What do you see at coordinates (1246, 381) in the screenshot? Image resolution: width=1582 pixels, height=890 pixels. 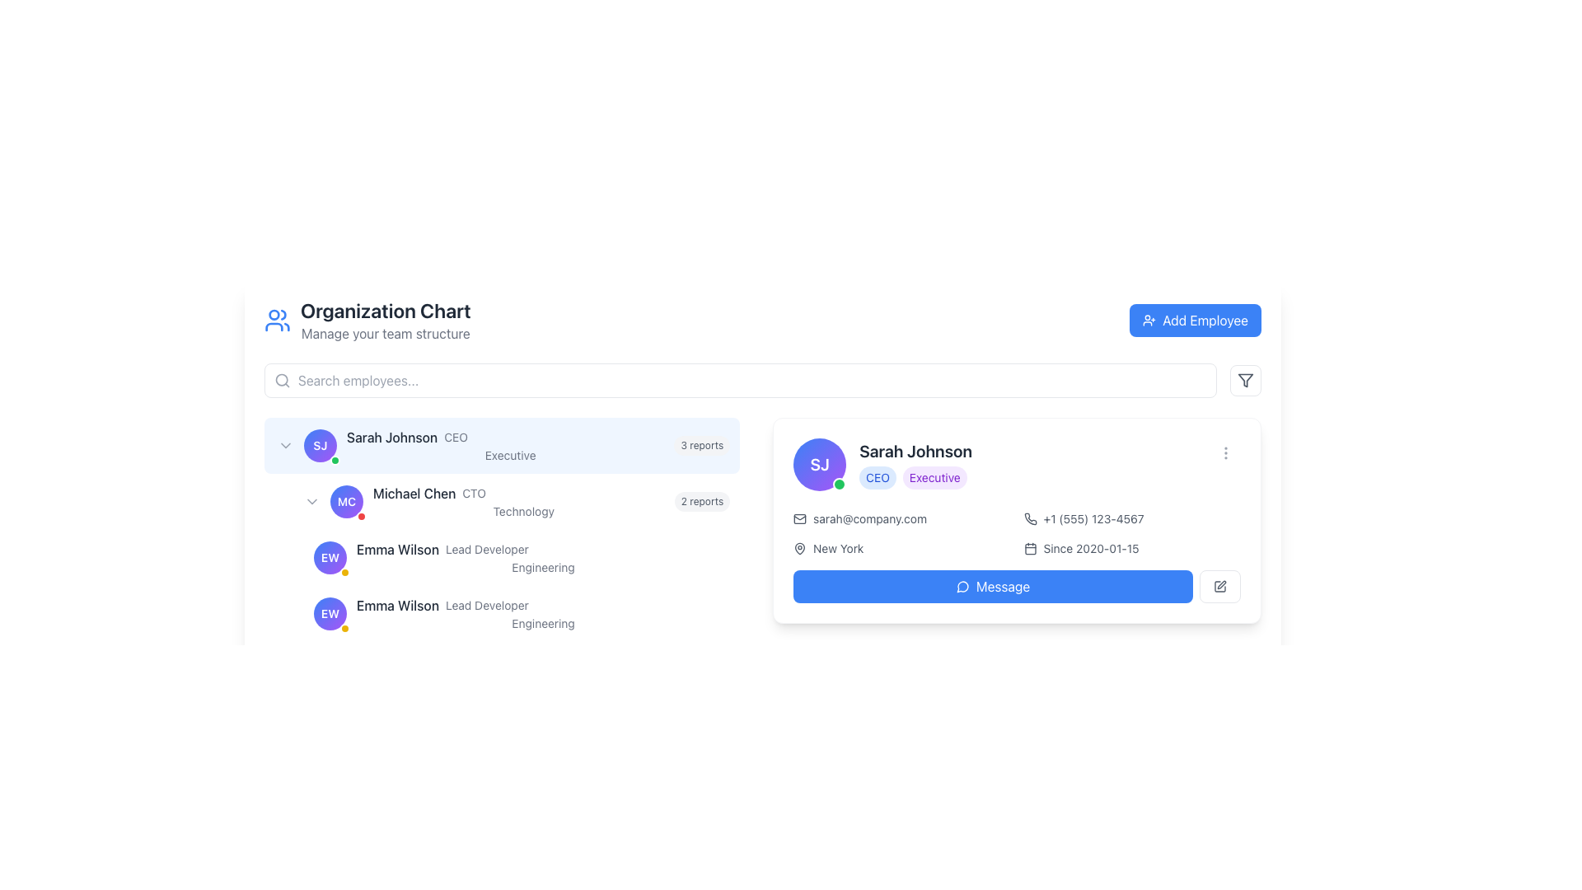 I see `the filter icon, which is a minimalist gray triangular funnel shape located in the upper-right corner of the header section, next to the 'Add Employee' button` at bounding box center [1246, 381].